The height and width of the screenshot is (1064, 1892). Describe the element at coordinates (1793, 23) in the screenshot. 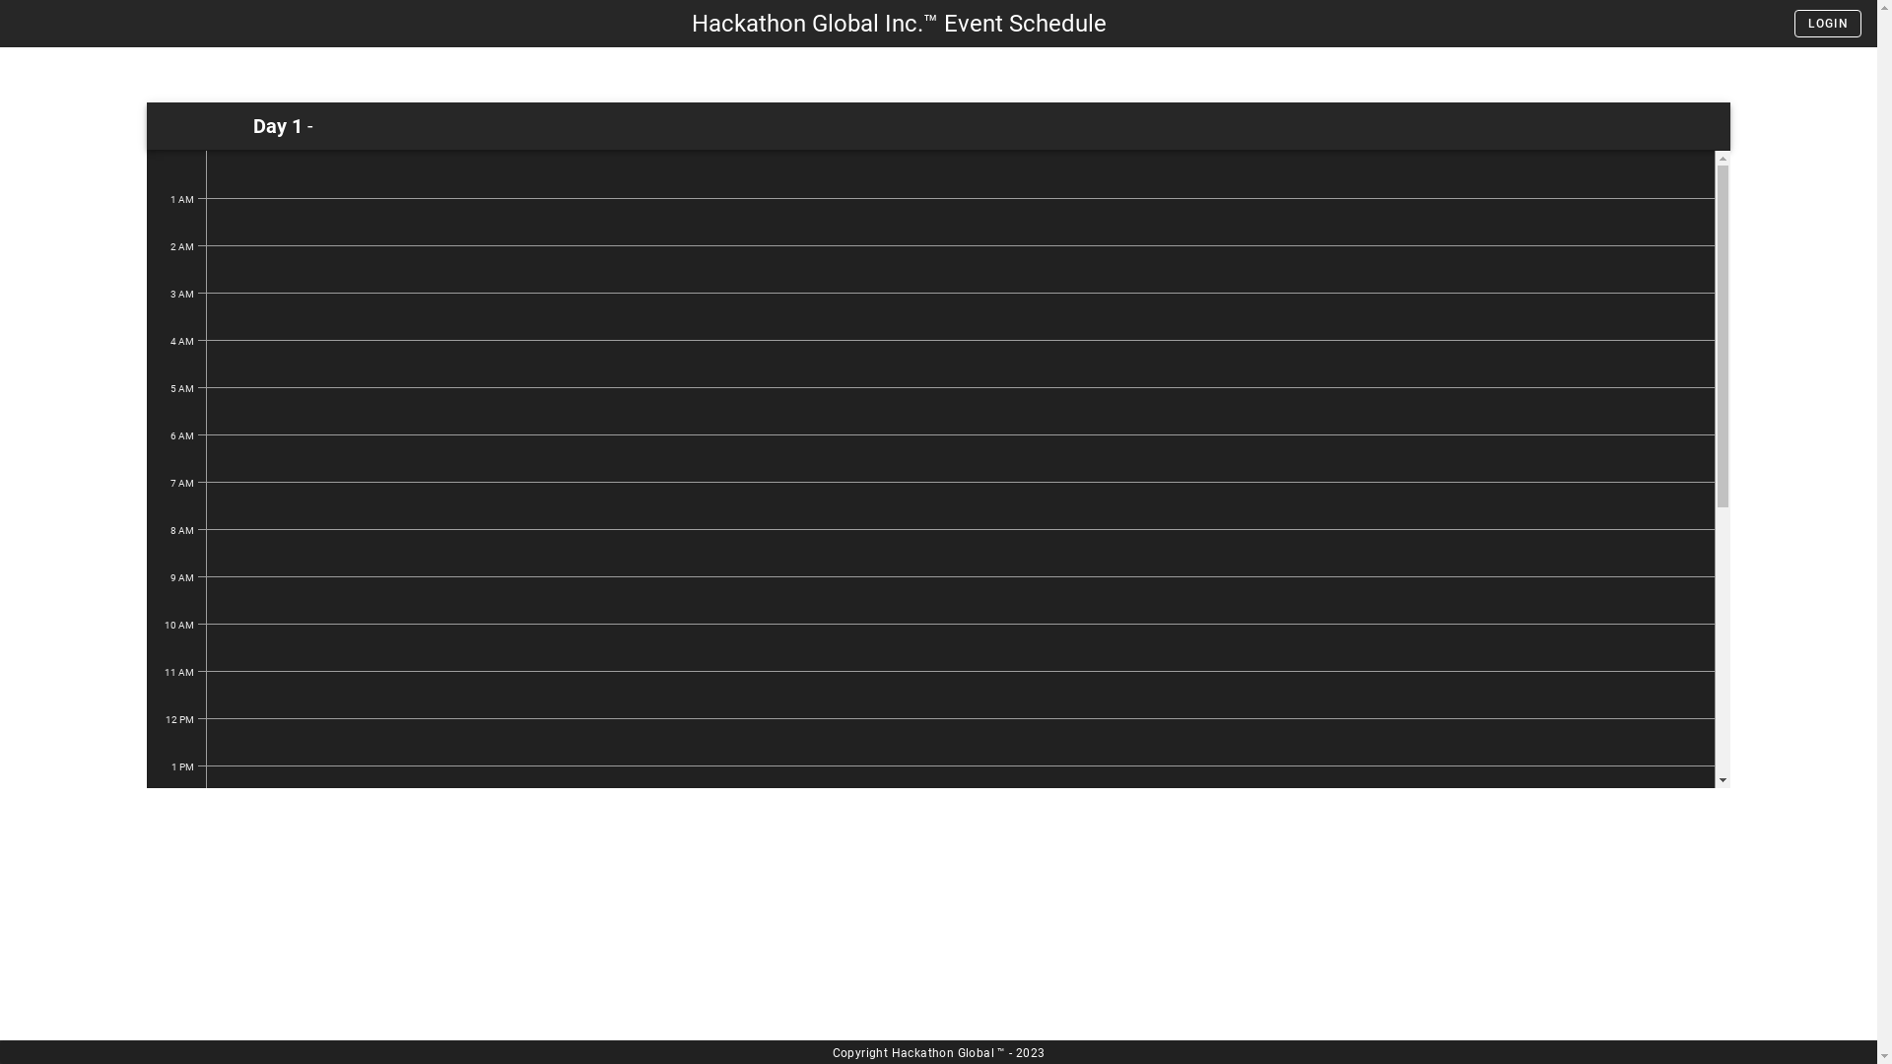

I see `'LOGIN'` at that location.